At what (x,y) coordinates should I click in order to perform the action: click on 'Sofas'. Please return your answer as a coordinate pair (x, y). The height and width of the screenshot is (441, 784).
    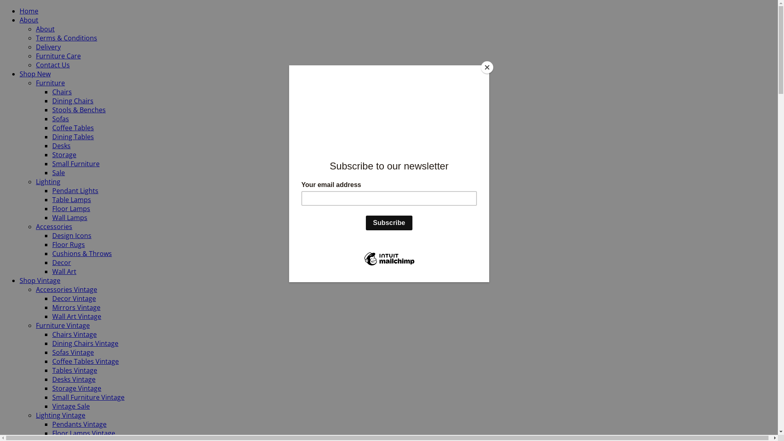
    Looking at the image, I should click on (60, 118).